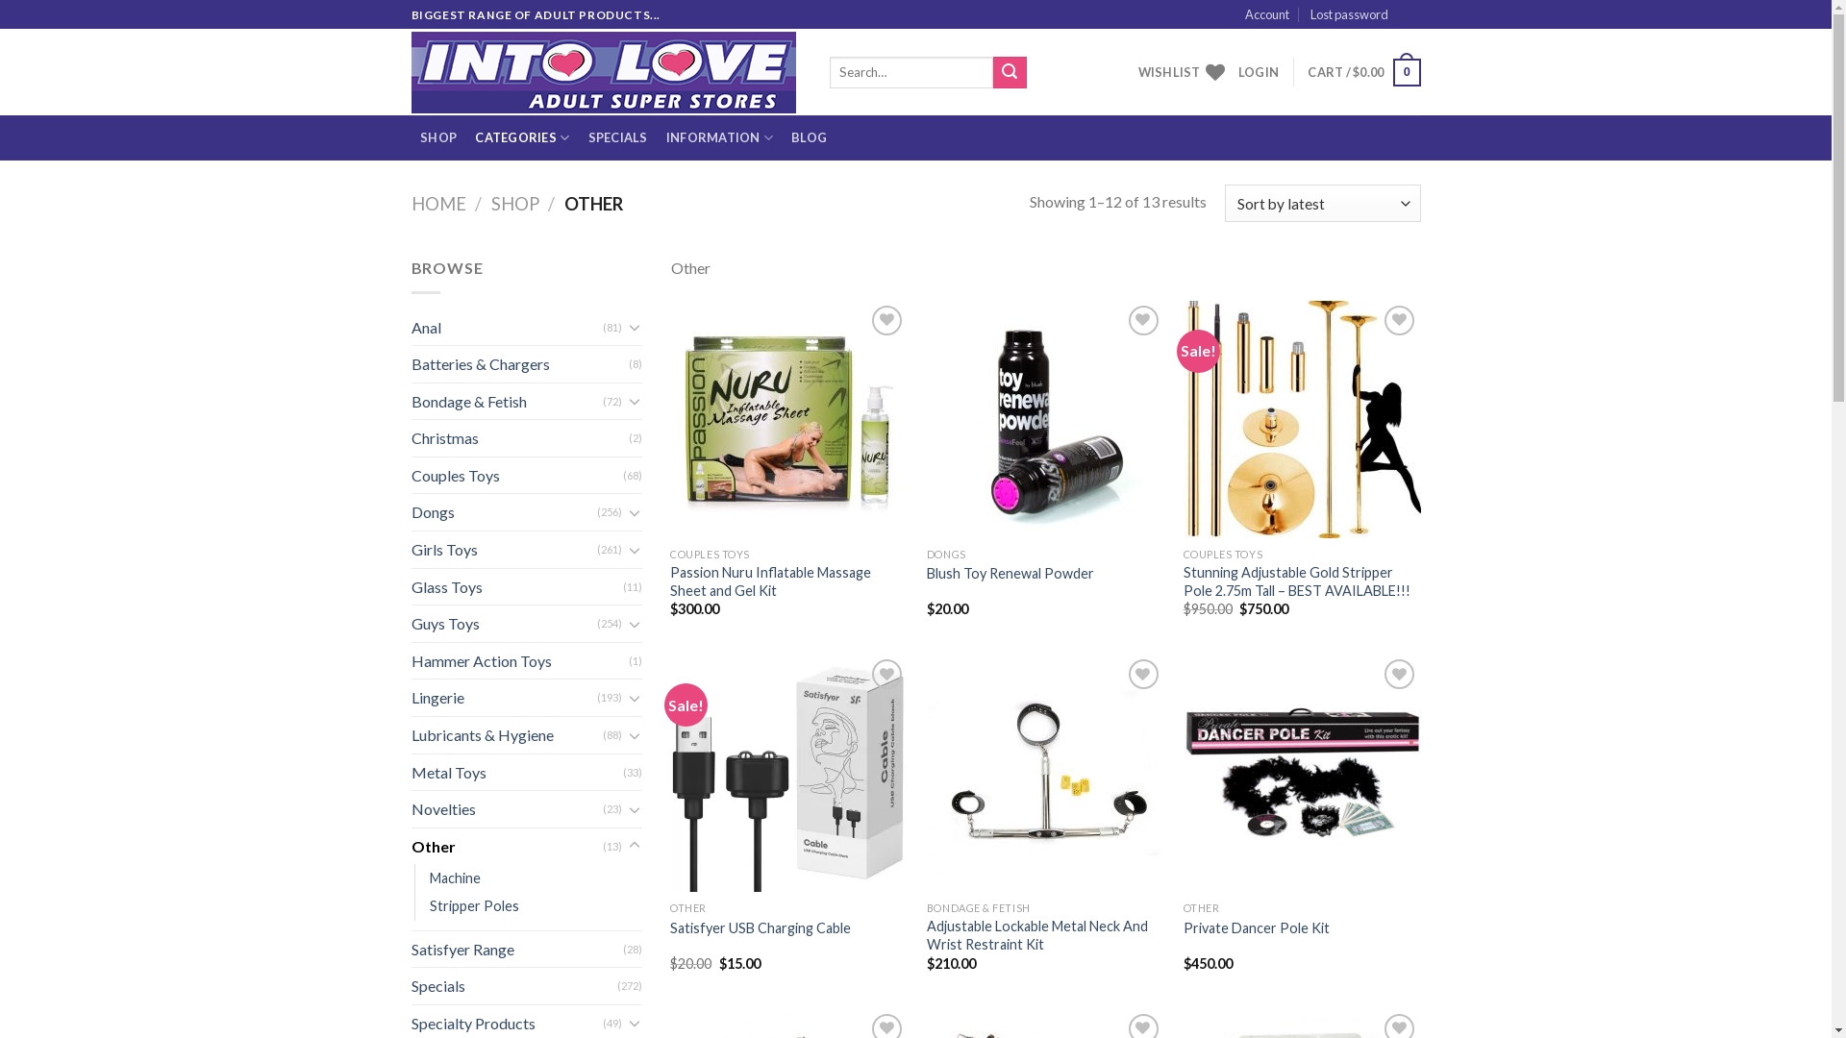 Image resolution: width=1846 pixels, height=1038 pixels. Describe the element at coordinates (1044, 934) in the screenshot. I see `'Adjustable Lockable Metal Neck And Wrist Restraint Kit'` at that location.